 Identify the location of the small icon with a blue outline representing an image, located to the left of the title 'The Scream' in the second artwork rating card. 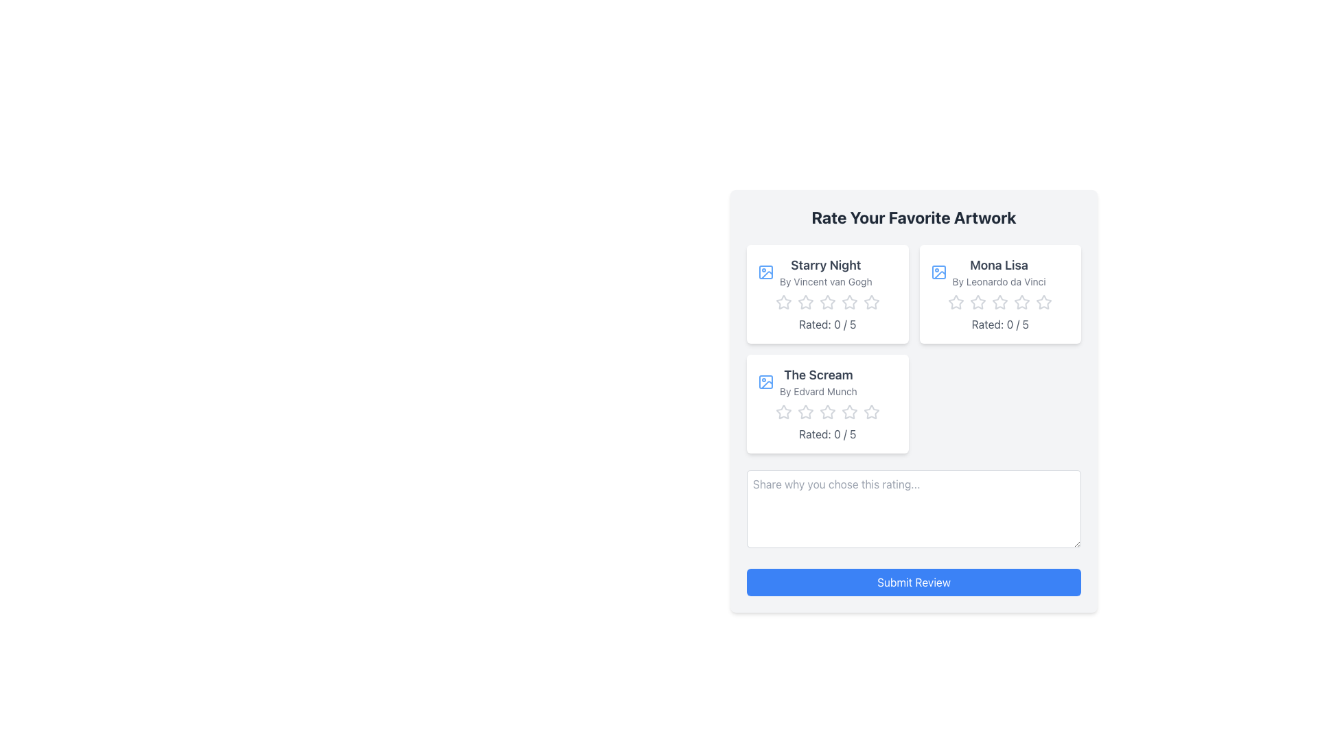
(765, 381).